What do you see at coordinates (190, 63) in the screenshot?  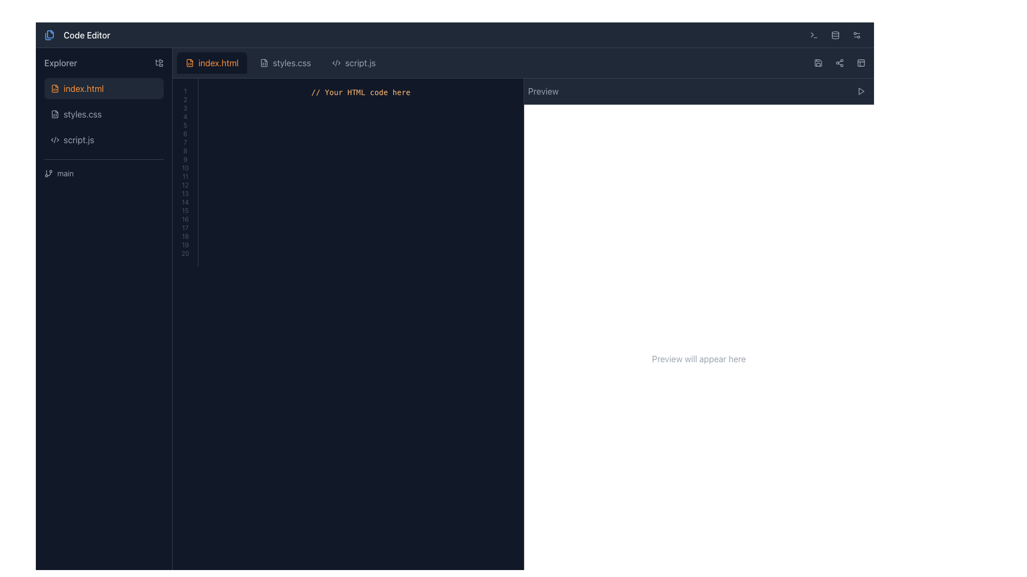 I see `the 'index.html' file icon` at bounding box center [190, 63].